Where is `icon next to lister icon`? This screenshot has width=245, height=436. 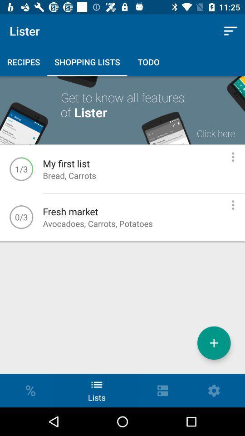
icon next to lister icon is located at coordinates (230, 31).